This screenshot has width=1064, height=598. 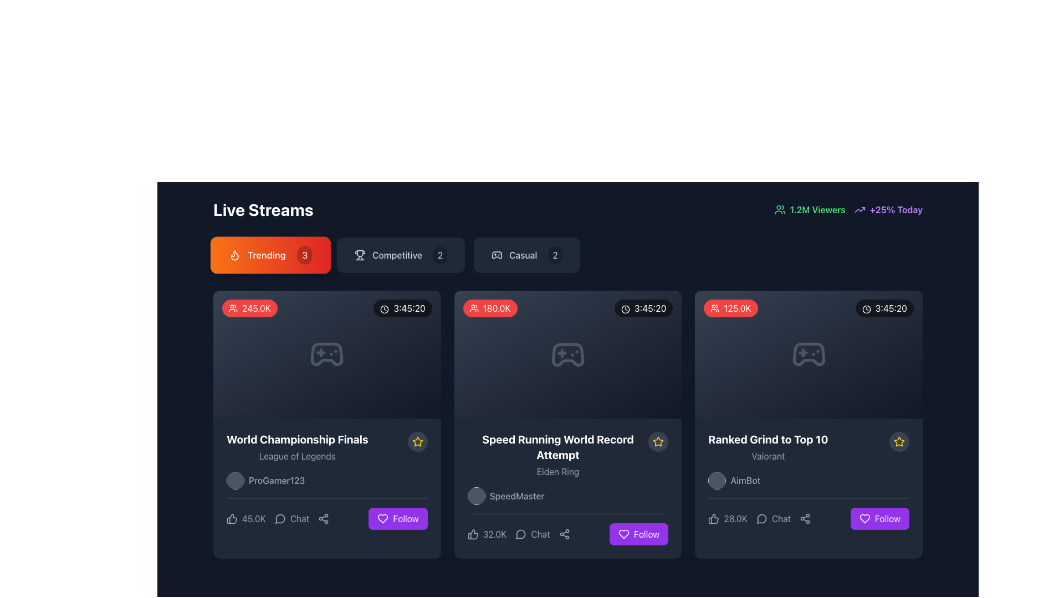 I want to click on the 'Casual' button, which features a game controller icon on the left, the text 'Casual' in the center, and a circular badge with the number '2' on the right, so click(x=526, y=255).